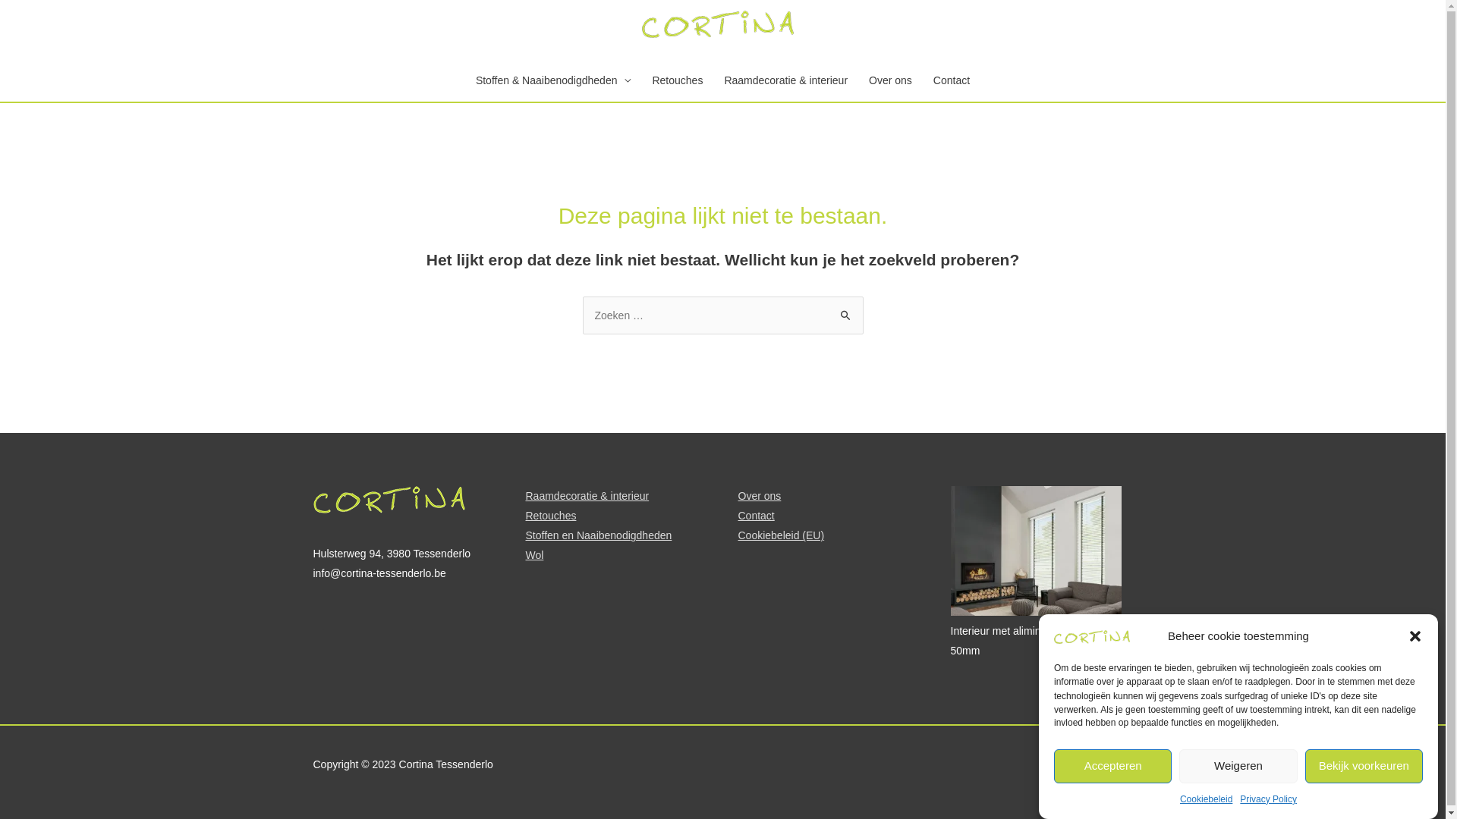 This screenshot has height=819, width=1457. What do you see at coordinates (890, 80) in the screenshot?
I see `'Over ons'` at bounding box center [890, 80].